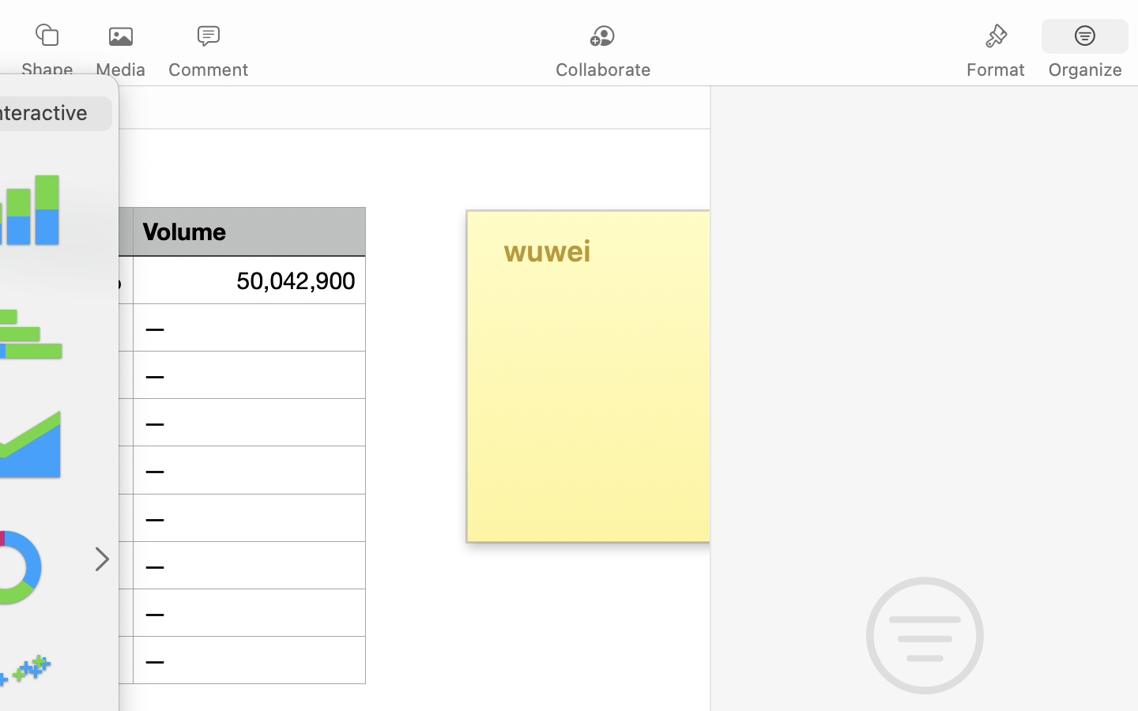  What do you see at coordinates (119, 69) in the screenshot?
I see `'Media'` at bounding box center [119, 69].